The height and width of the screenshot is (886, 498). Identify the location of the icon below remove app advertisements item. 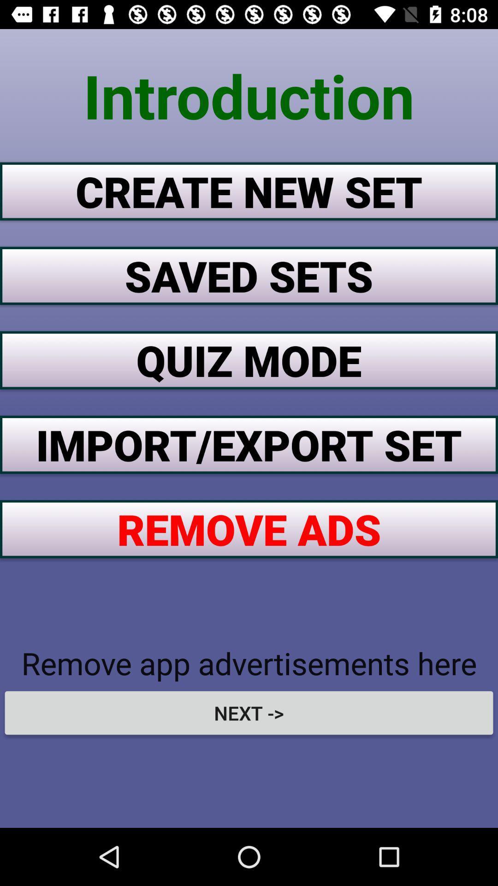
(249, 712).